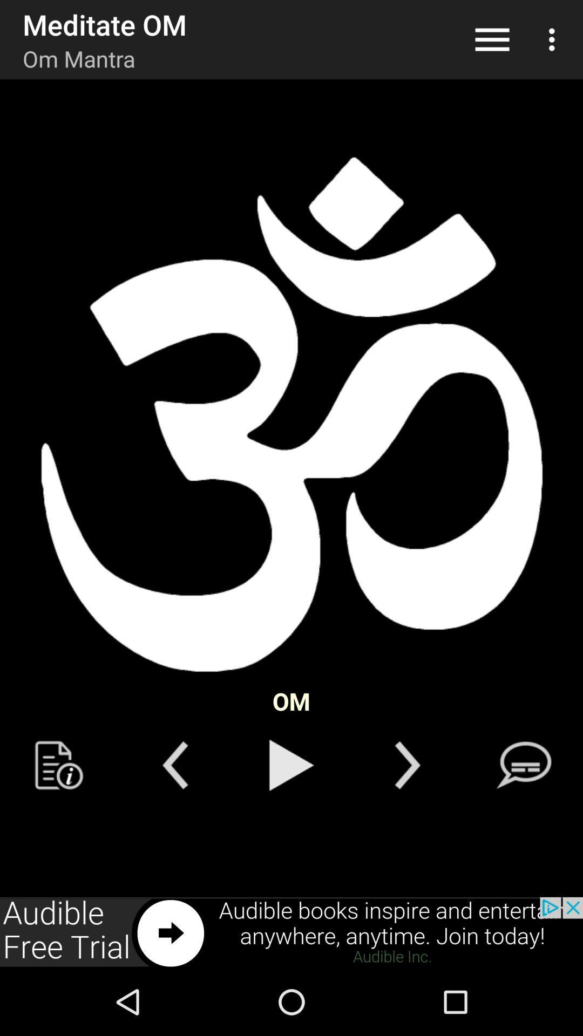 This screenshot has width=583, height=1036. Describe the element at coordinates (408, 765) in the screenshot. I see `skip` at that location.